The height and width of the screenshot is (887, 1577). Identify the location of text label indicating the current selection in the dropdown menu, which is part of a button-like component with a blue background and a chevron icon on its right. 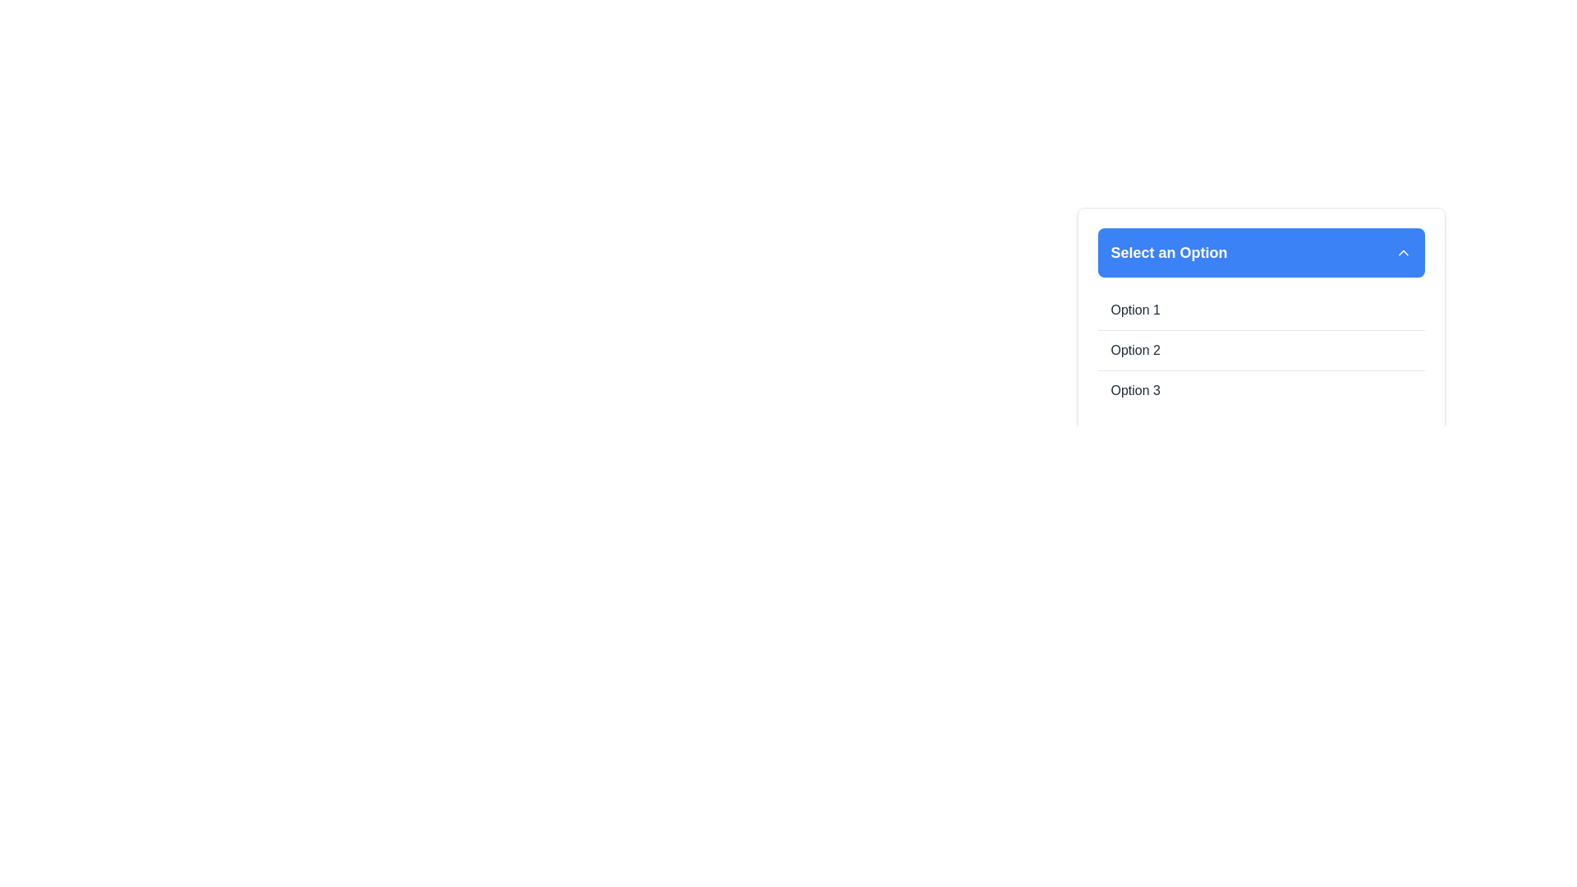
(1168, 253).